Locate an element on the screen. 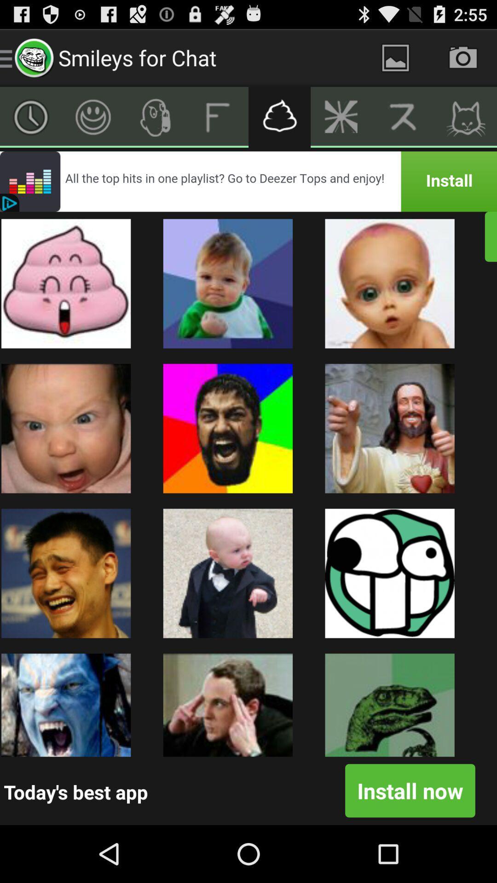 The image size is (497, 883). open cats is located at coordinates (466, 116).